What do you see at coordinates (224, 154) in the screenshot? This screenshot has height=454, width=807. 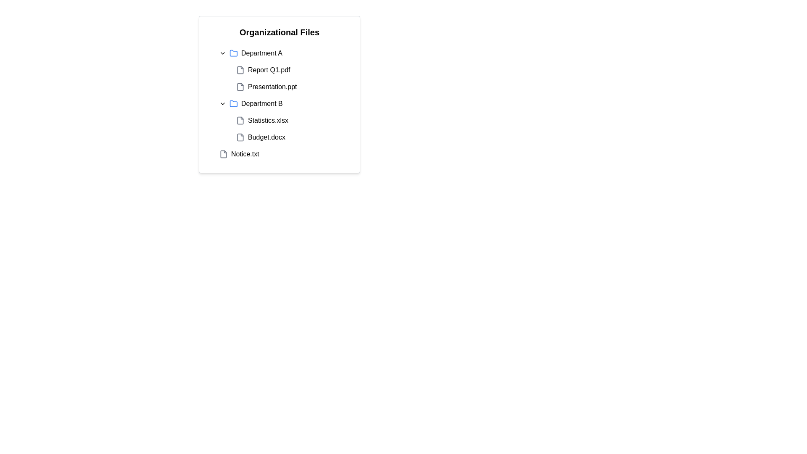 I see `the file icon represented as a stylized document sheet, which is located to the left of the file labeled 'Notice.txt' in the 'Organizational Files' section` at bounding box center [224, 154].